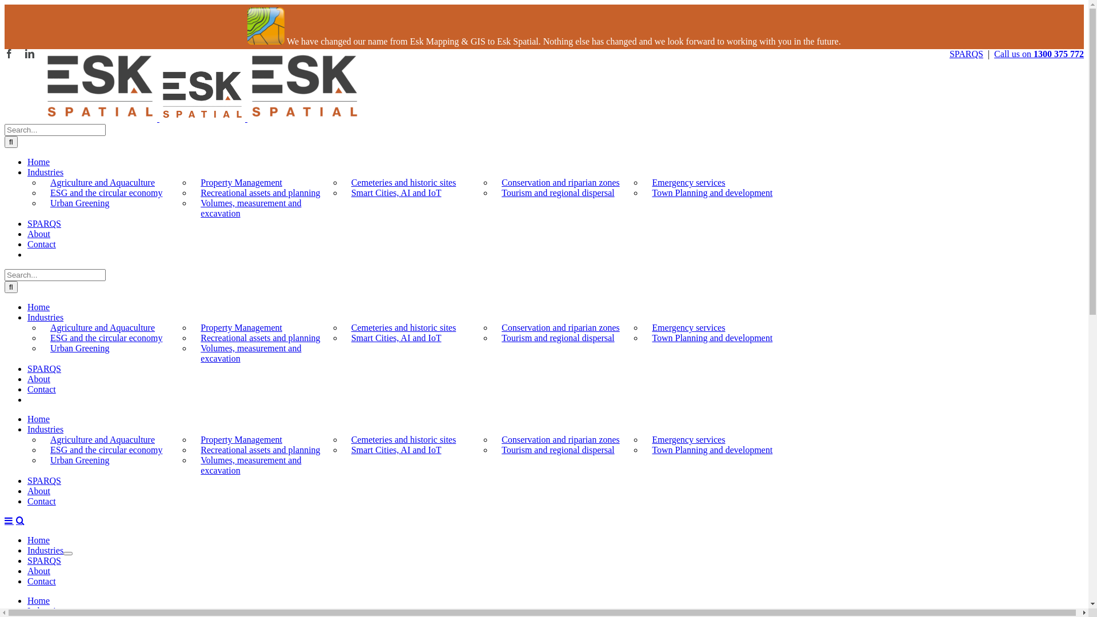 The width and height of the screenshot is (1097, 617). I want to click on 'SPARQS', so click(44, 480).